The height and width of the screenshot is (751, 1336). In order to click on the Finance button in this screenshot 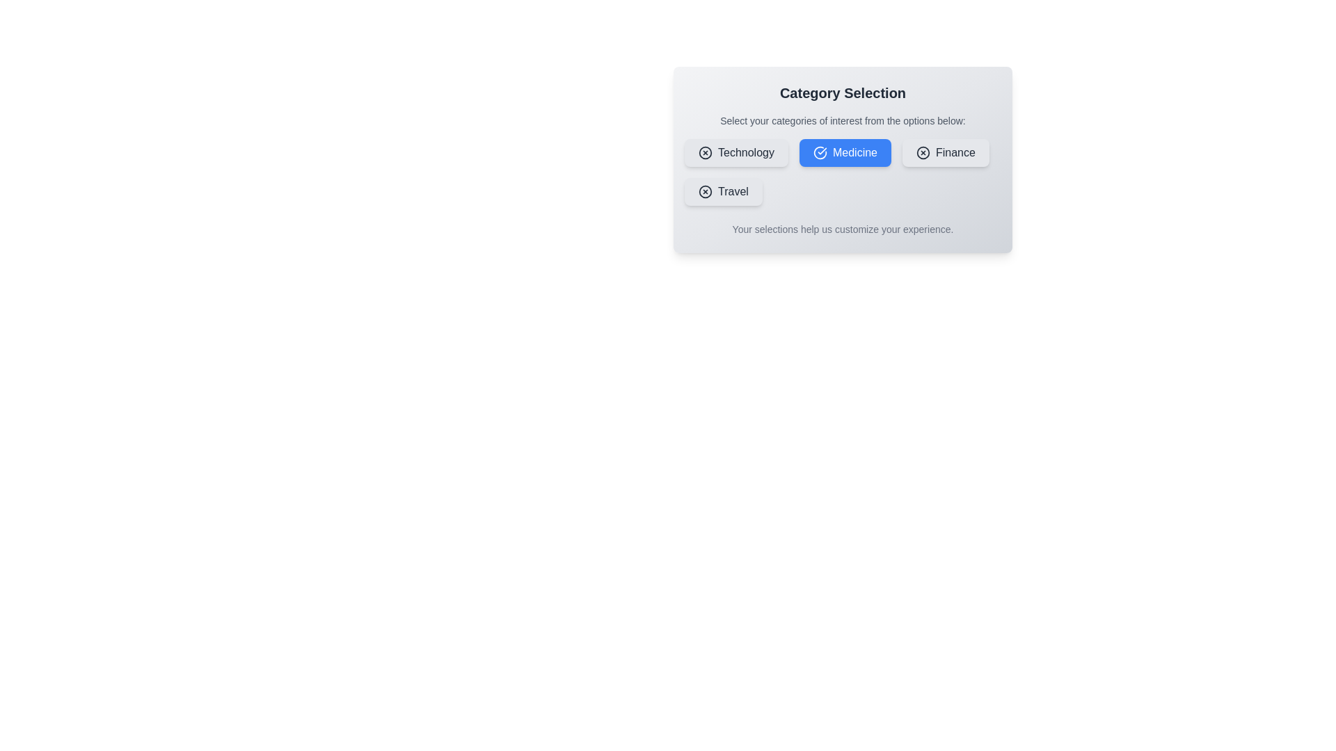, I will do `click(945, 152)`.